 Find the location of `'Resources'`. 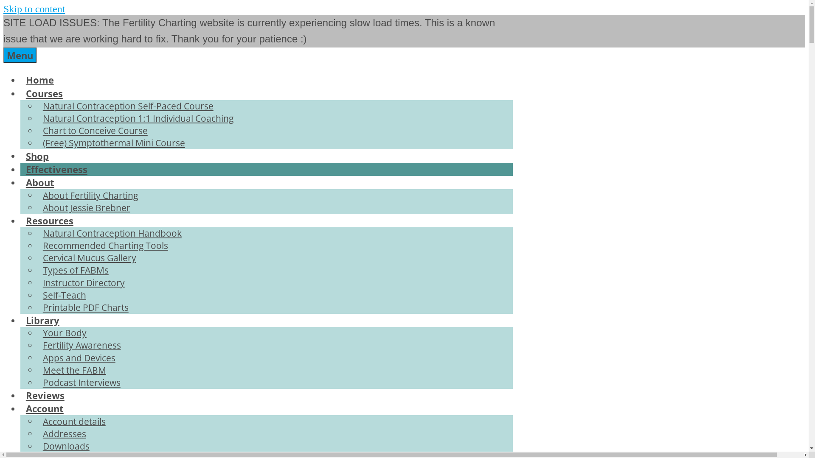

'Resources' is located at coordinates (49, 220).